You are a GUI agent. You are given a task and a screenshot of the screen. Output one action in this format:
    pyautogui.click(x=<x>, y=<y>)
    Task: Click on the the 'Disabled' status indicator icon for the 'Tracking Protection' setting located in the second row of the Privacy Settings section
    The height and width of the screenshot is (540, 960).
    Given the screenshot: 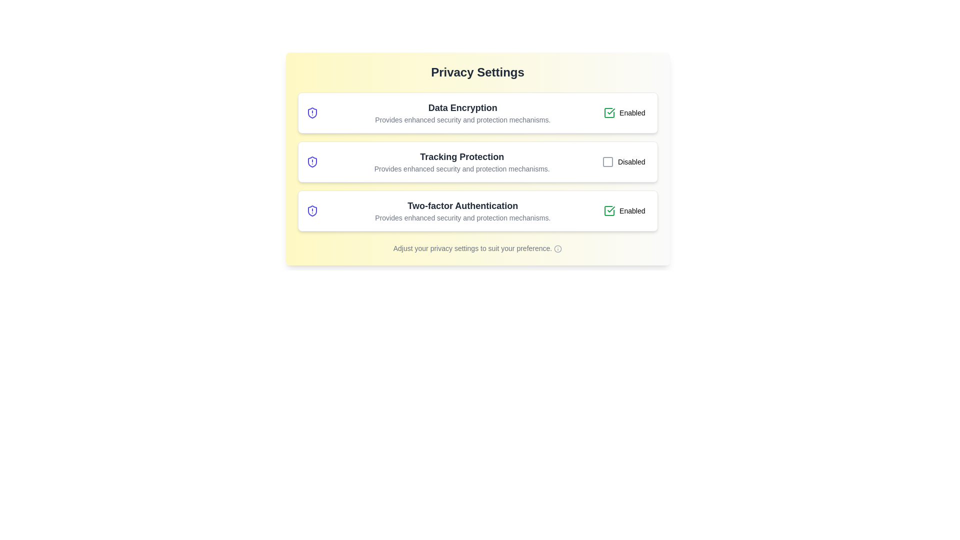 What is the action you would take?
    pyautogui.click(x=607, y=161)
    